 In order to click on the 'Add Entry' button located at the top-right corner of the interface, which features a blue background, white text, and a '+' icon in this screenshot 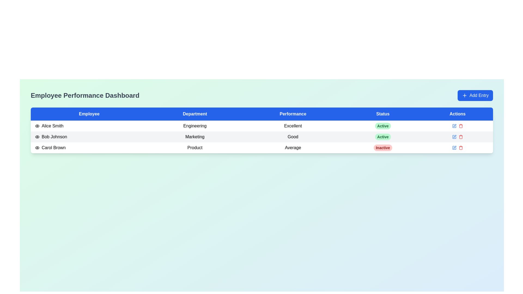, I will do `click(475, 95)`.